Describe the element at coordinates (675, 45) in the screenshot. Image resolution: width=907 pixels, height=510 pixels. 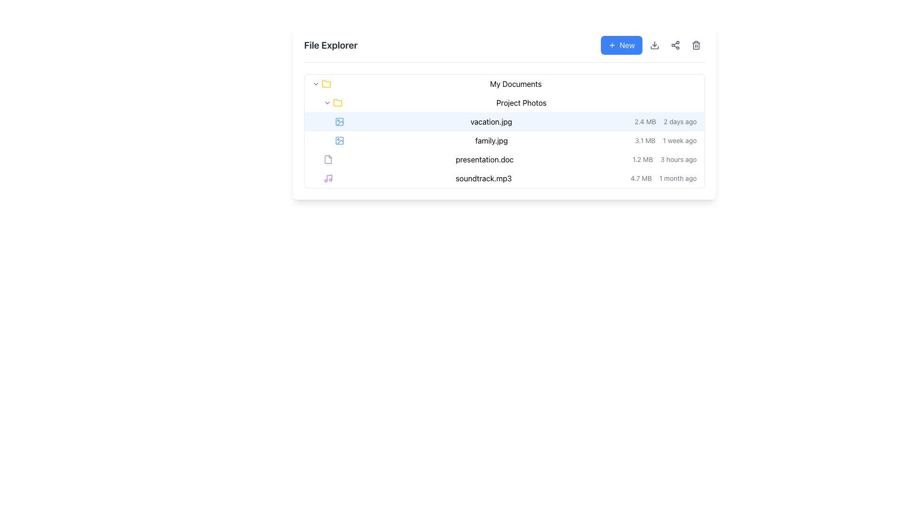
I see `the share button located in the header area of the file explorer, which is the third button from the right` at that location.